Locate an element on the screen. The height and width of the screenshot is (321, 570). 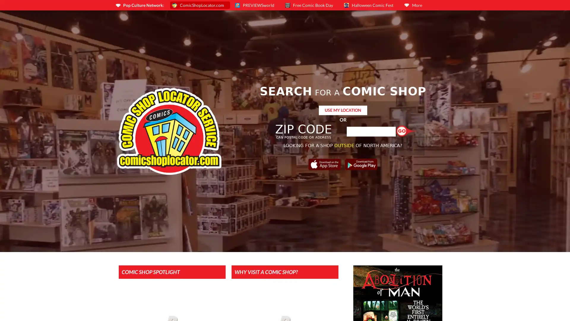
Find a Shop! is located at coordinates (406, 130).